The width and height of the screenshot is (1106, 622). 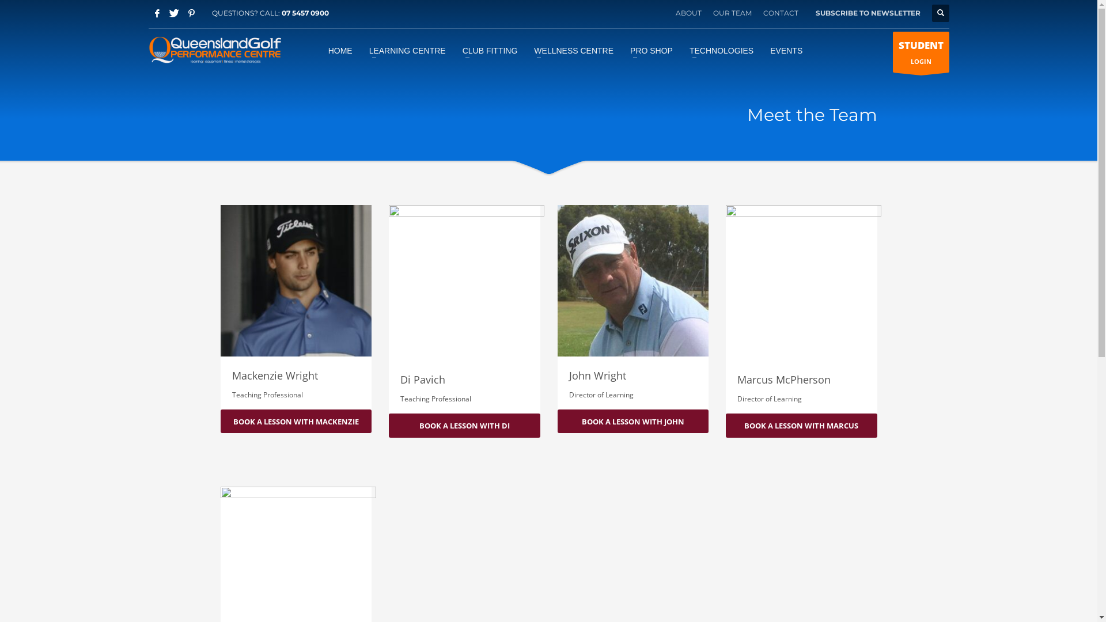 What do you see at coordinates (713, 13) in the screenshot?
I see `'OUR TEAM'` at bounding box center [713, 13].